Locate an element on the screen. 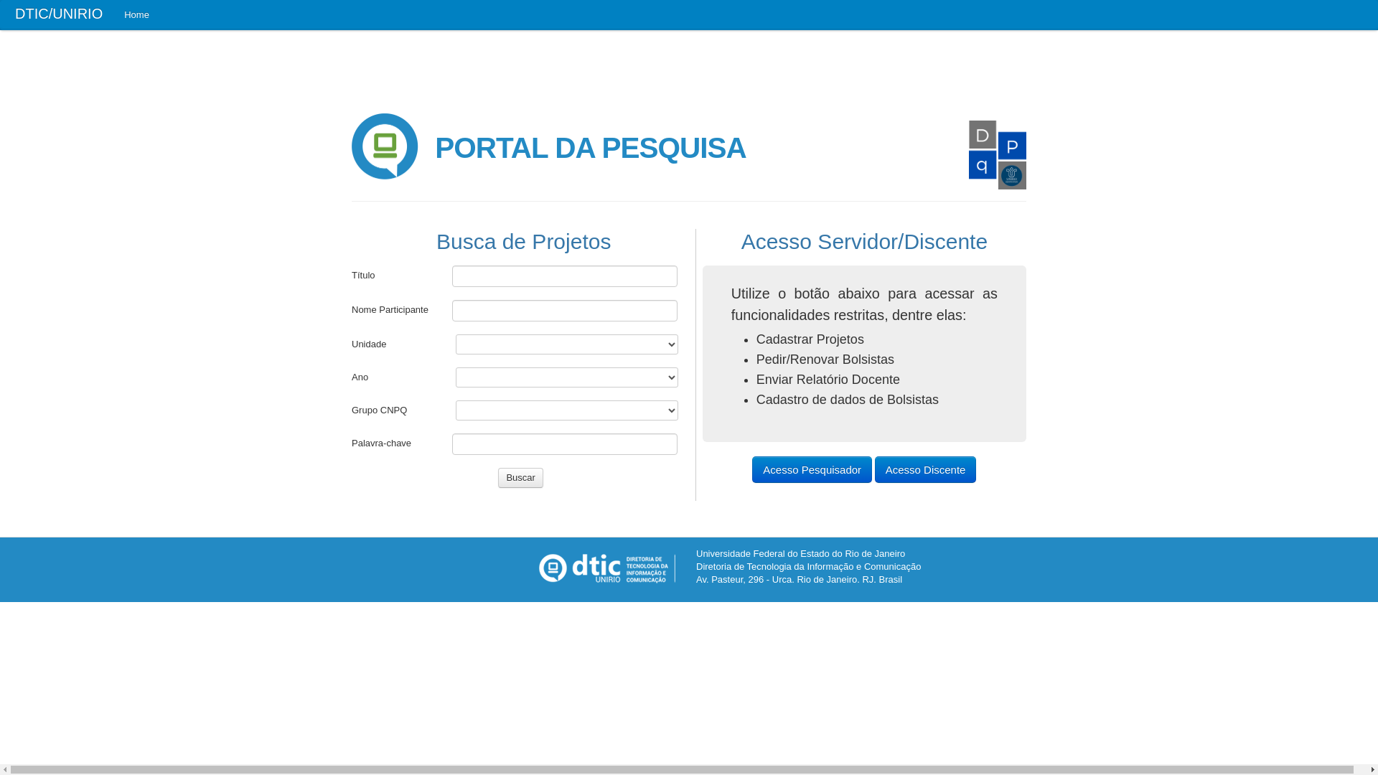 The width and height of the screenshot is (1378, 775). 'DTIC/UNIRIO' is located at coordinates (0, 14).